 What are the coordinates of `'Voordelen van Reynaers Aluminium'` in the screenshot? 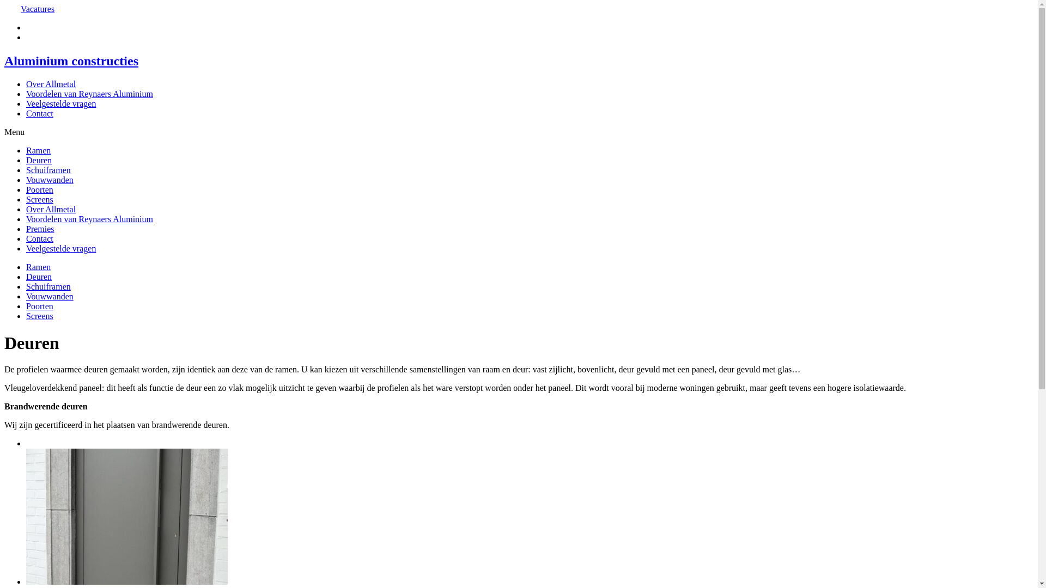 It's located at (89, 219).